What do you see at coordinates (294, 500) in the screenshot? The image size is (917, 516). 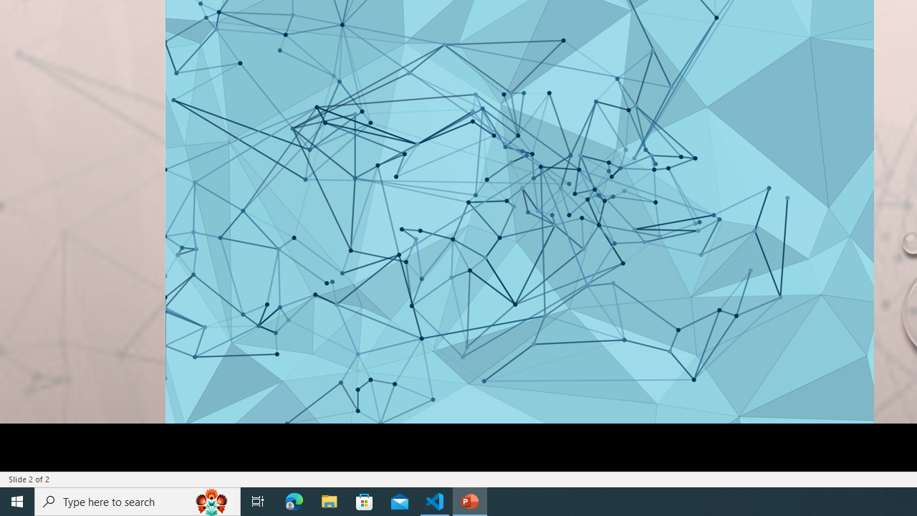 I see `'Microsoft Edge'` at bounding box center [294, 500].